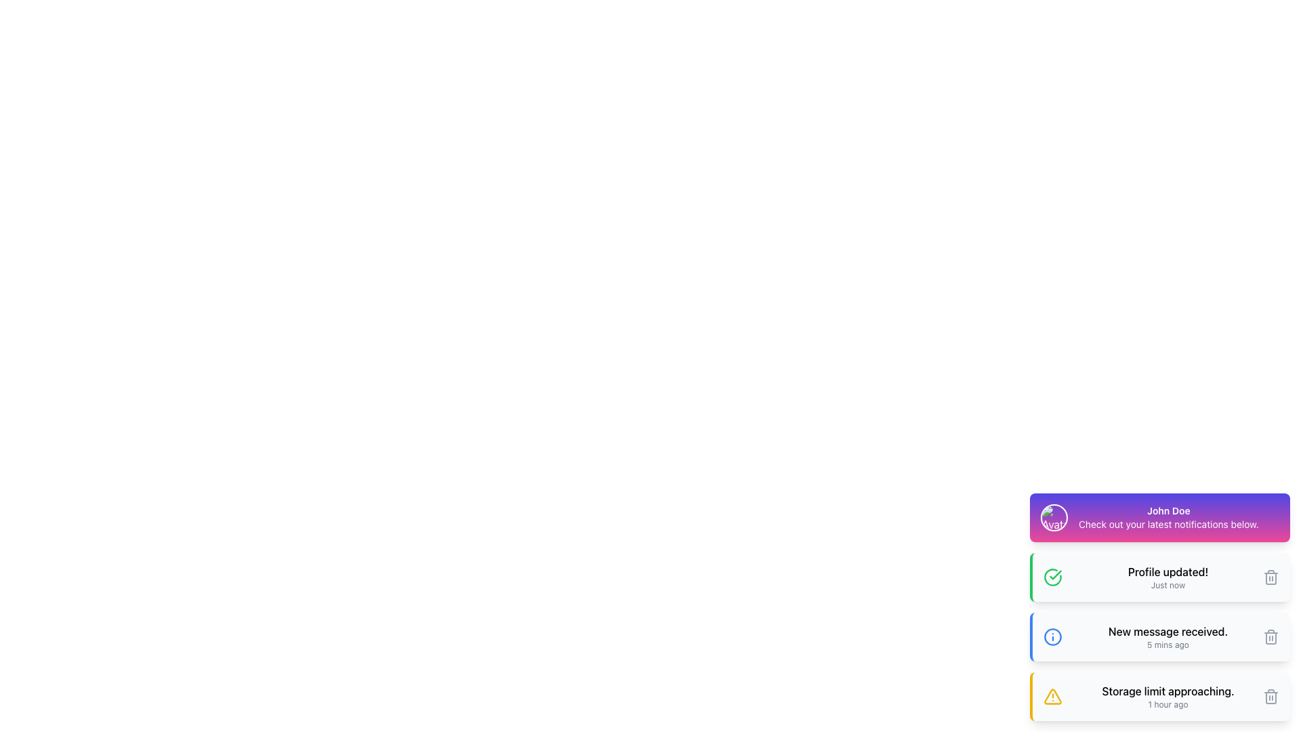 This screenshot has width=1301, height=732. What do you see at coordinates (1271, 578) in the screenshot?
I see `the delete icon associated with the 'Profile updated!' notification, located on the far-right side of the notification item` at bounding box center [1271, 578].